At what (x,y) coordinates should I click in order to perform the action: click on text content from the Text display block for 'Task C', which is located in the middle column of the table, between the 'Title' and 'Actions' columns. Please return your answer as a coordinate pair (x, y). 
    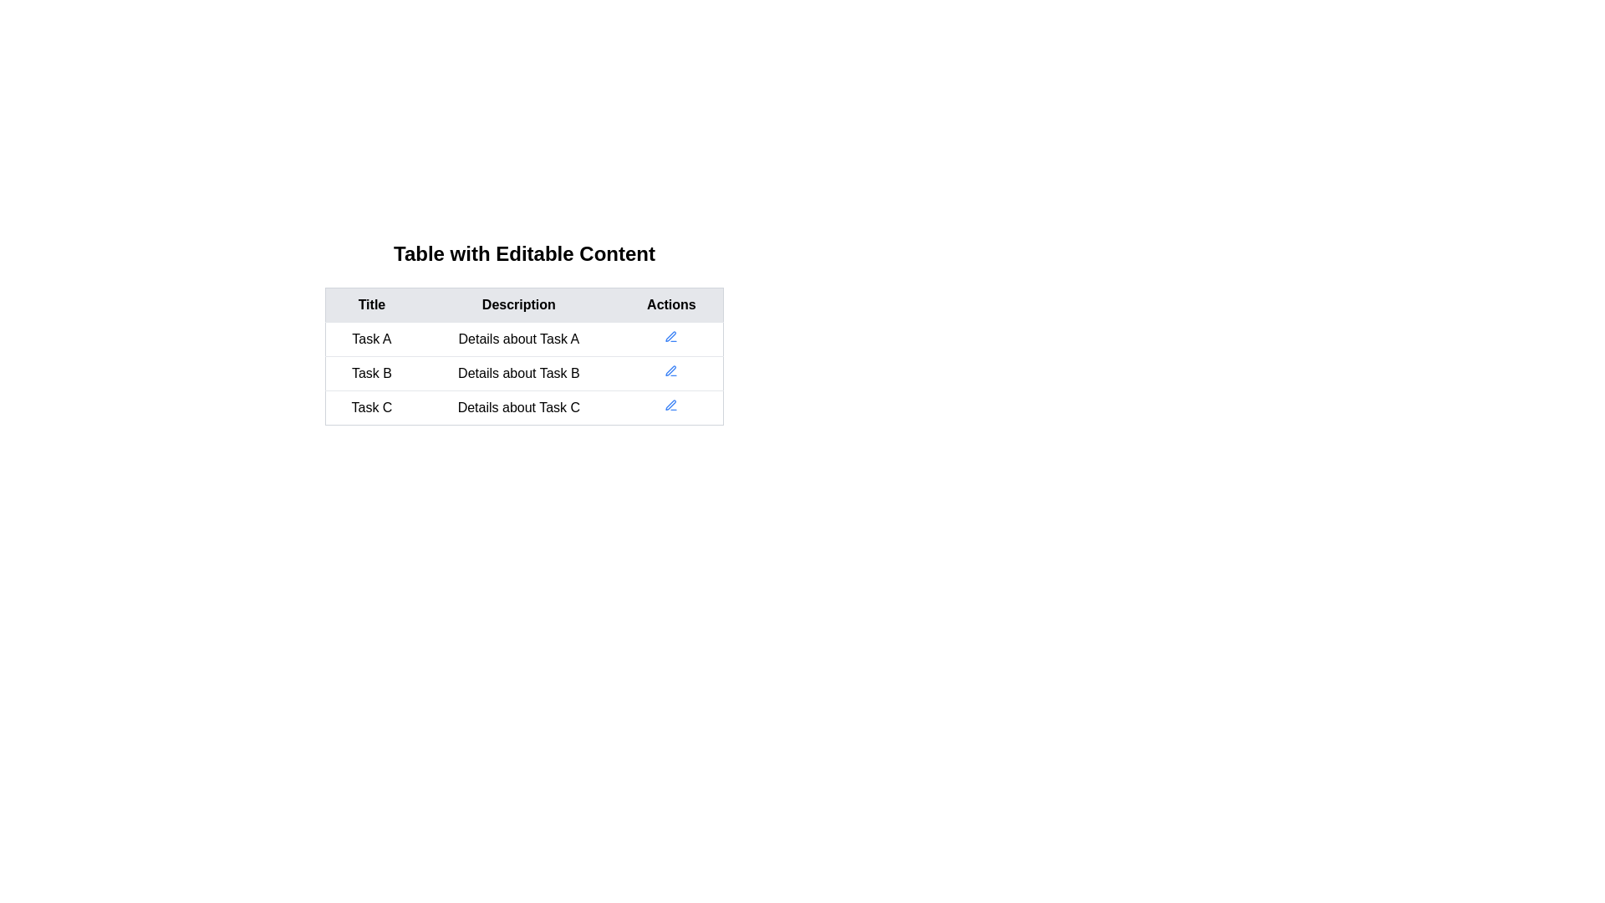
    Looking at the image, I should click on (517, 408).